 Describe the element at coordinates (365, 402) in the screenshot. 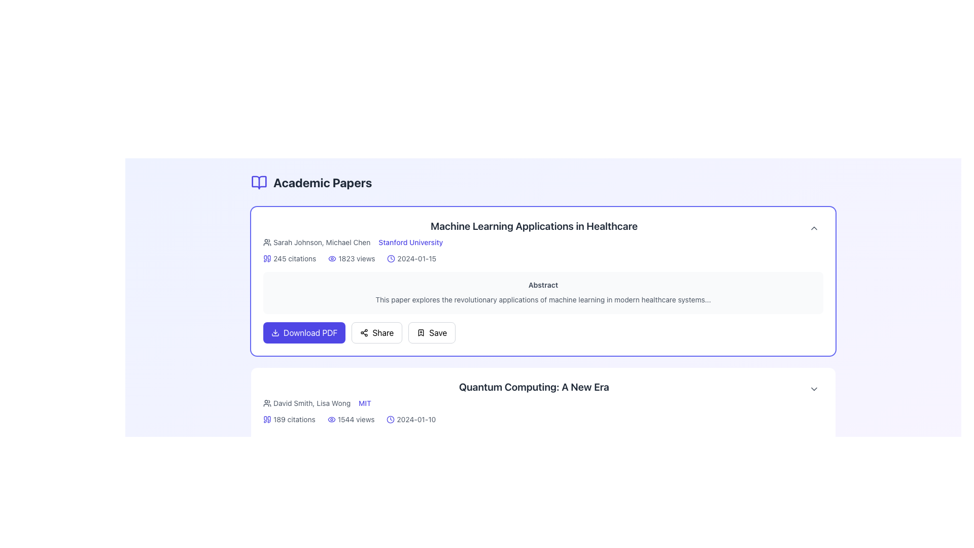

I see `the text label displaying 'MIT' styled in indigo and bold font, located to the right of the authors' names` at that location.